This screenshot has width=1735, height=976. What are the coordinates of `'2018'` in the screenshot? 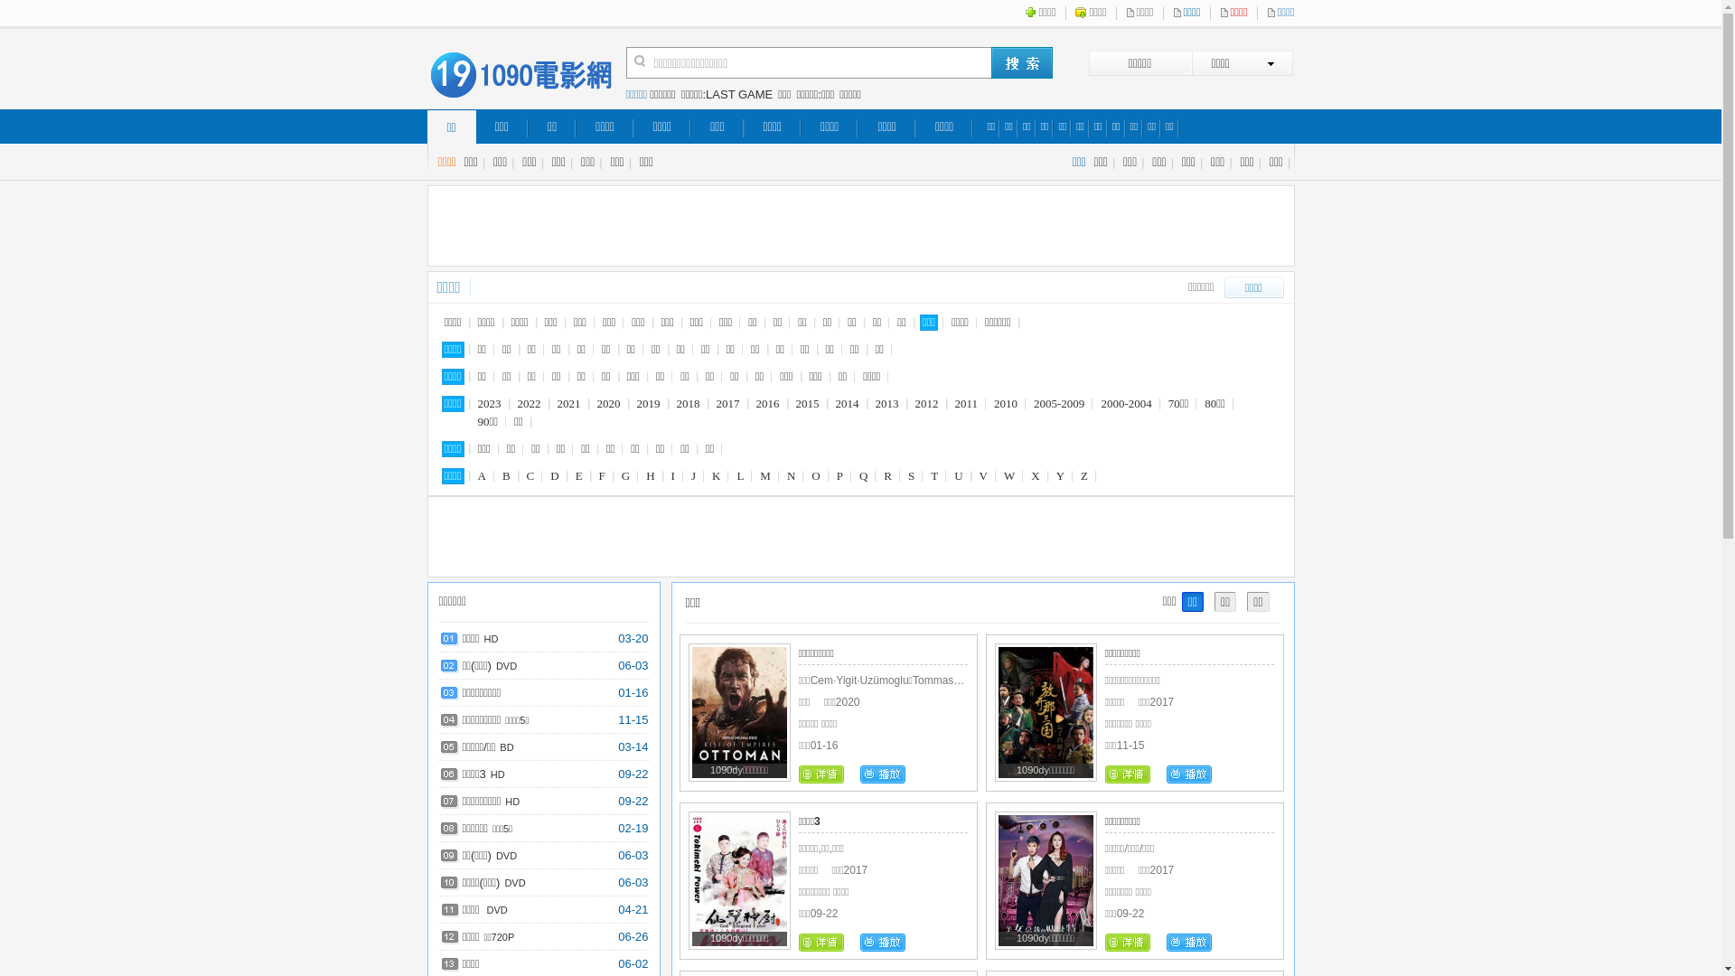 It's located at (688, 403).